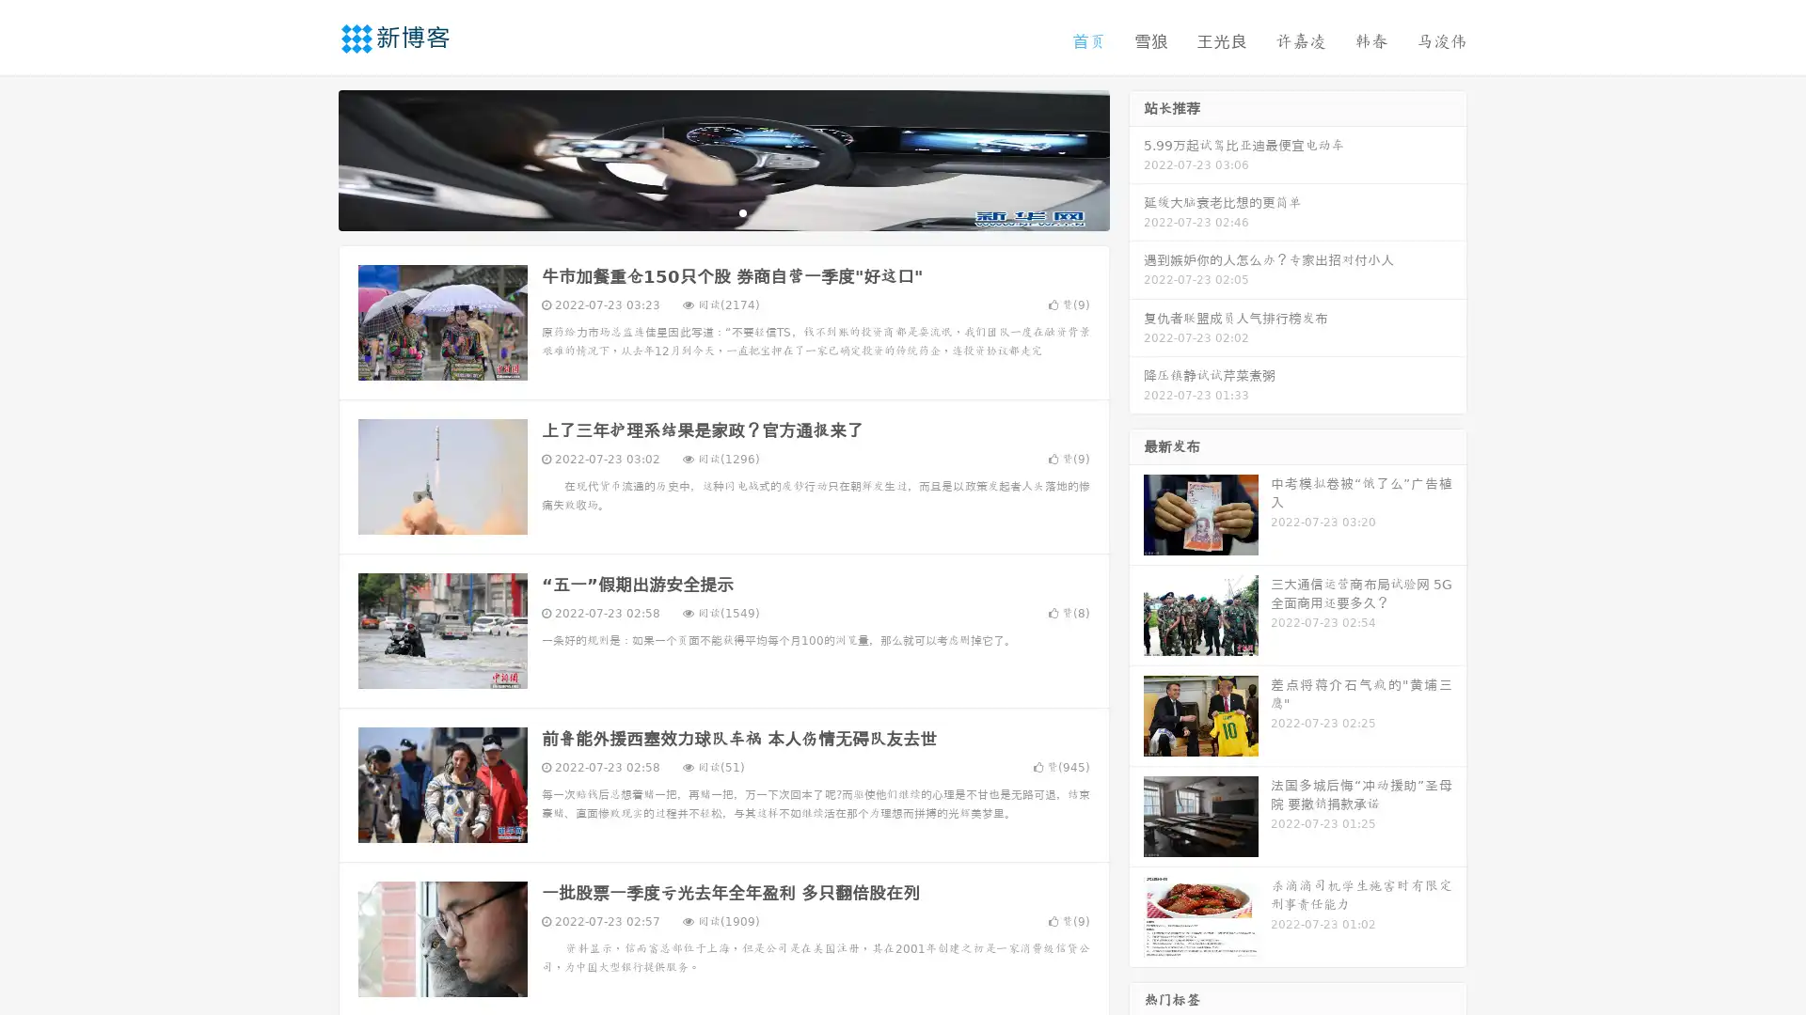 Image resolution: width=1806 pixels, height=1015 pixels. Describe the element at coordinates (704, 211) in the screenshot. I see `Go to slide 1` at that location.